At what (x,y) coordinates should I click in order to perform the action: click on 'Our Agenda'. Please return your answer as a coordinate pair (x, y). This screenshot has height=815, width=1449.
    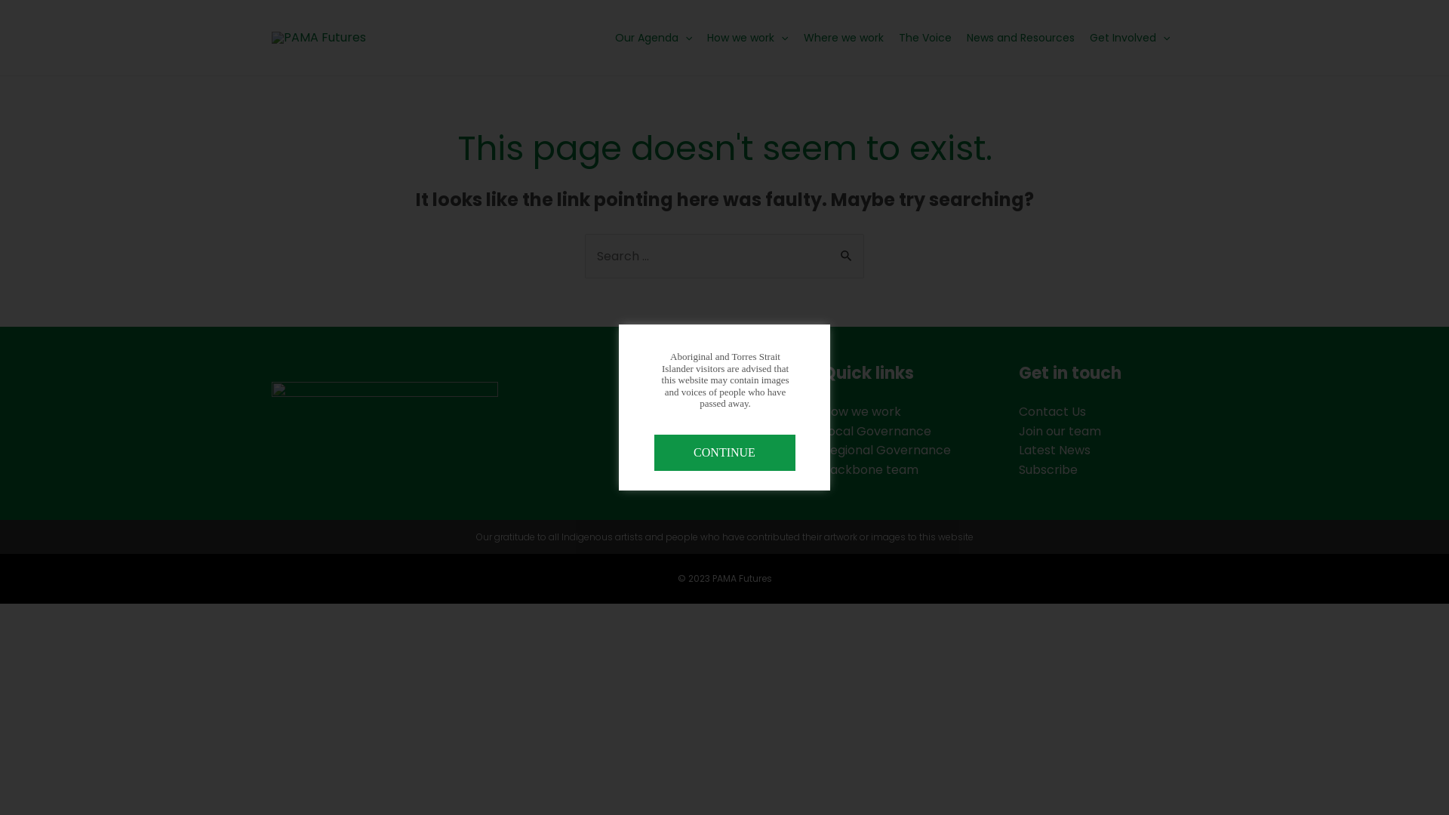
    Looking at the image, I should click on (662, 411).